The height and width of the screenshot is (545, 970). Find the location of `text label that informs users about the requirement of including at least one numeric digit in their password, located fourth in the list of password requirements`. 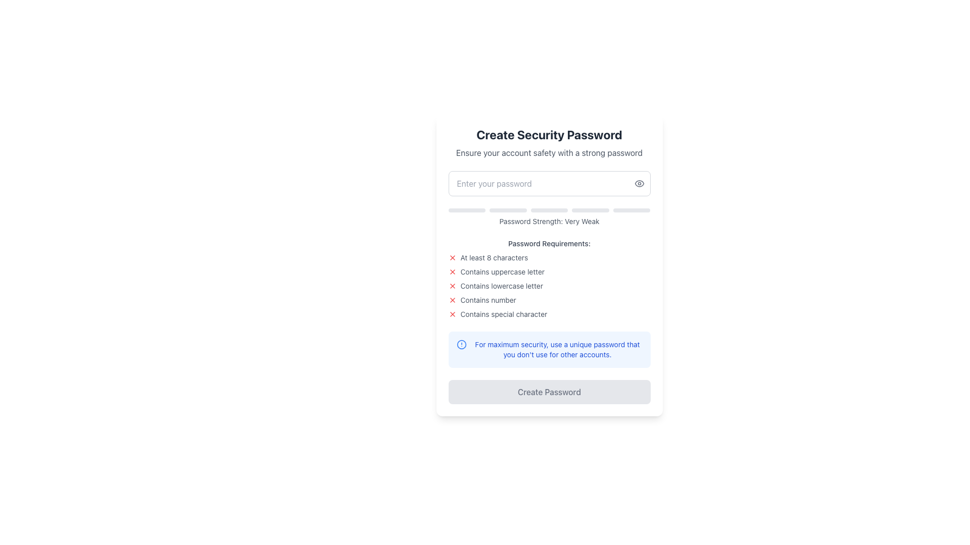

text label that informs users about the requirement of including at least one numeric digit in their password, located fourth in the list of password requirements is located at coordinates (488, 299).